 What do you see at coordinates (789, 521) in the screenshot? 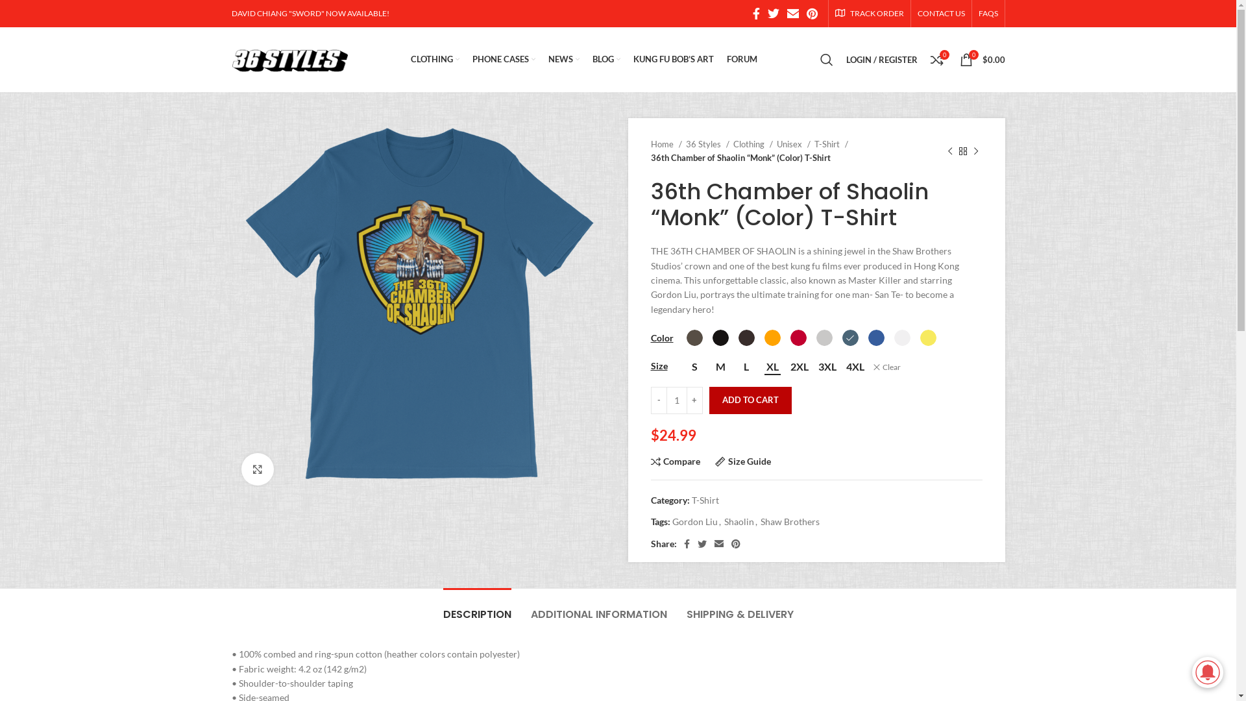
I see `'Shaw Brothers'` at bounding box center [789, 521].